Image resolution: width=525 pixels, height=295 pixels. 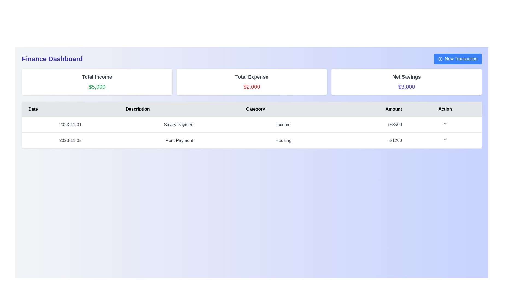 What do you see at coordinates (283, 125) in the screenshot?
I see `the static text label indicating the category of the associated transaction in the first data row of the table` at bounding box center [283, 125].